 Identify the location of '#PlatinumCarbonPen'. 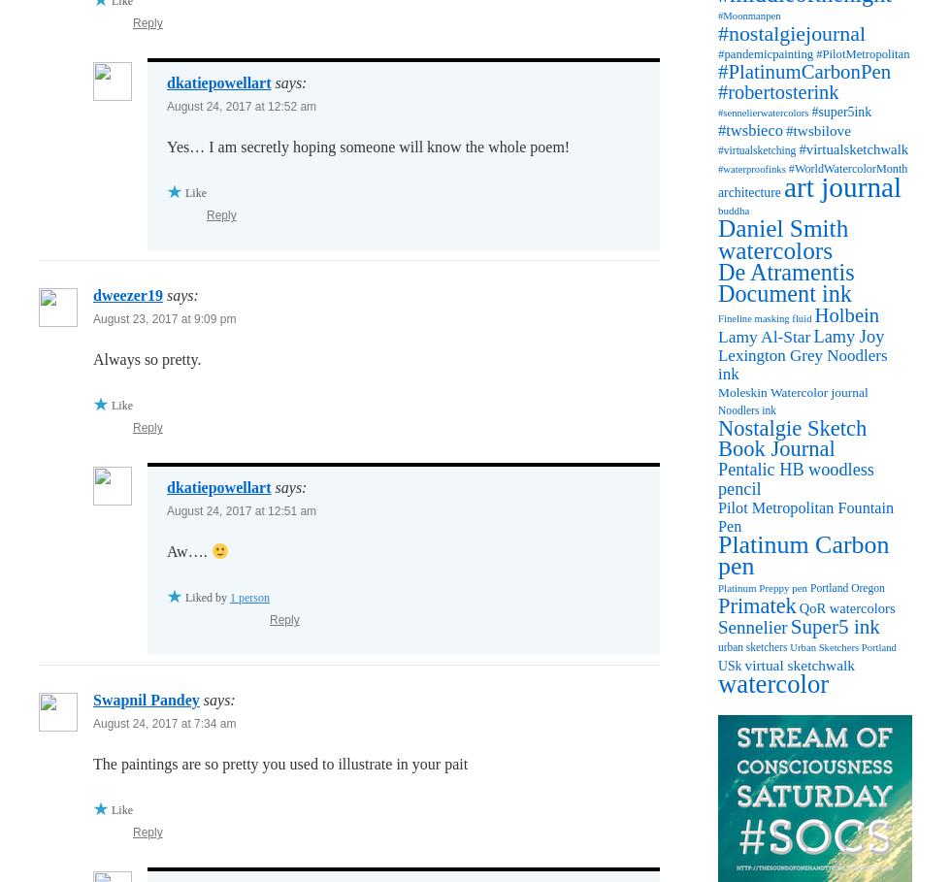
(803, 70).